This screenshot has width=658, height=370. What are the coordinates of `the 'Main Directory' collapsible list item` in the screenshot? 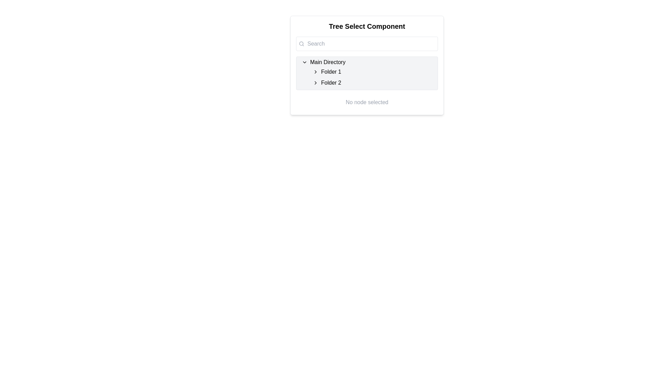 It's located at (366, 62).